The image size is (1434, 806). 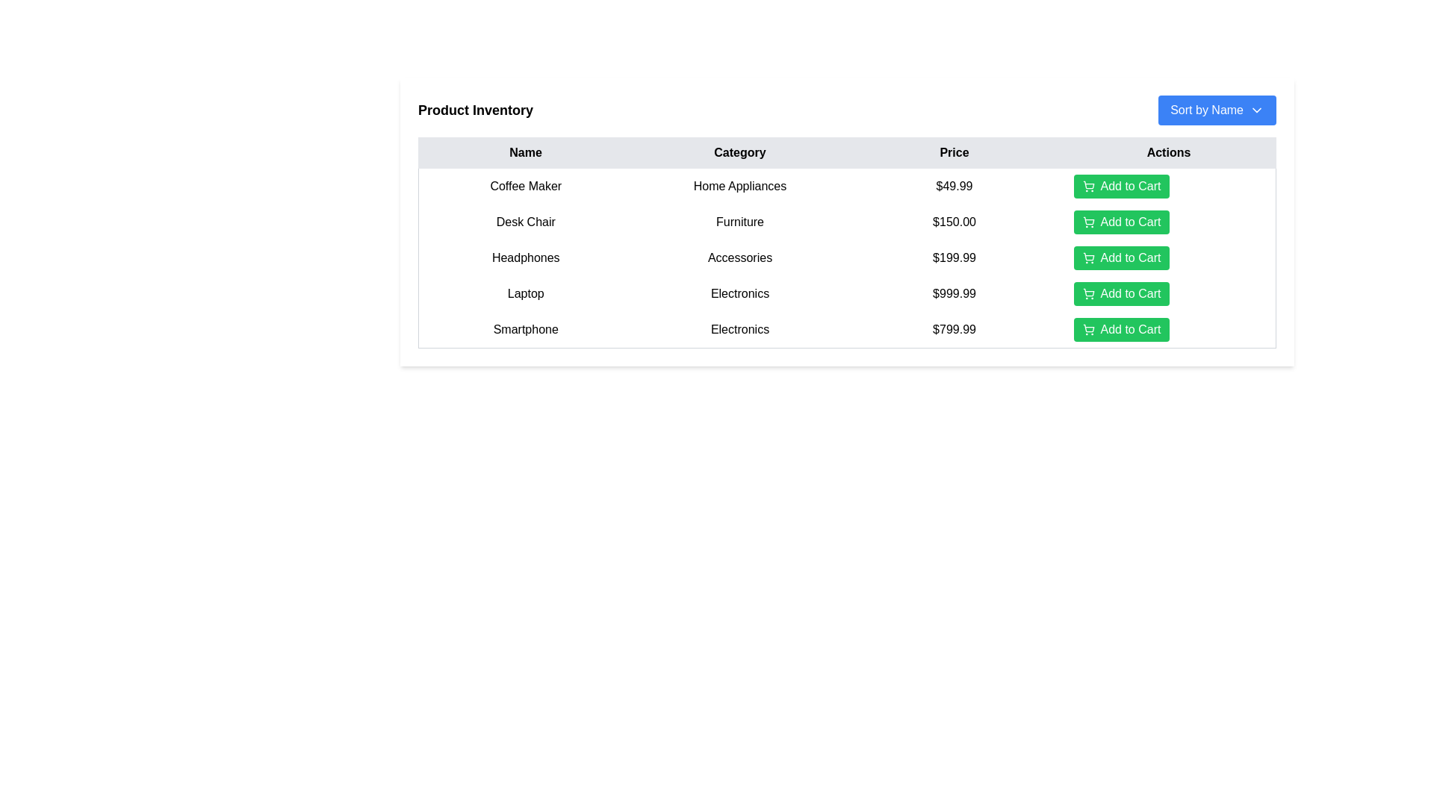 I want to click on the shopping cart icon inside the 'Add to Cart' button for the 'Smartphone' item in the 'Actions' column, so click(x=1088, y=329).